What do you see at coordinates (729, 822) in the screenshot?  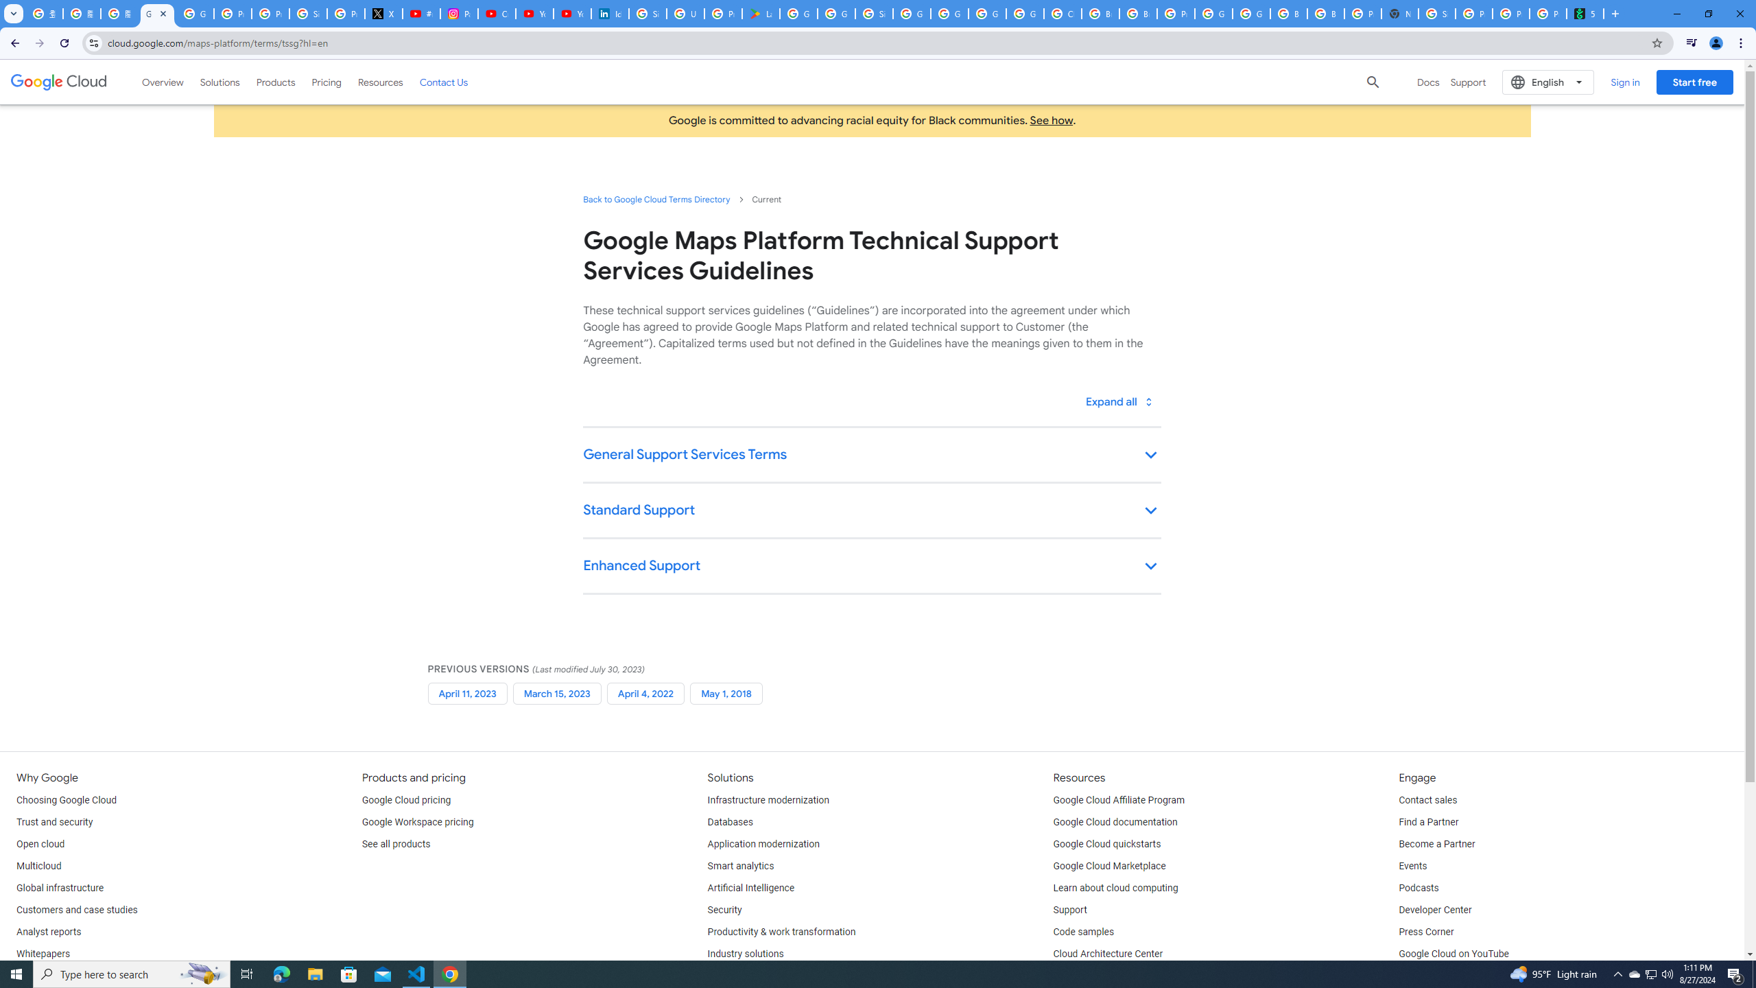 I see `'Databases'` at bounding box center [729, 822].